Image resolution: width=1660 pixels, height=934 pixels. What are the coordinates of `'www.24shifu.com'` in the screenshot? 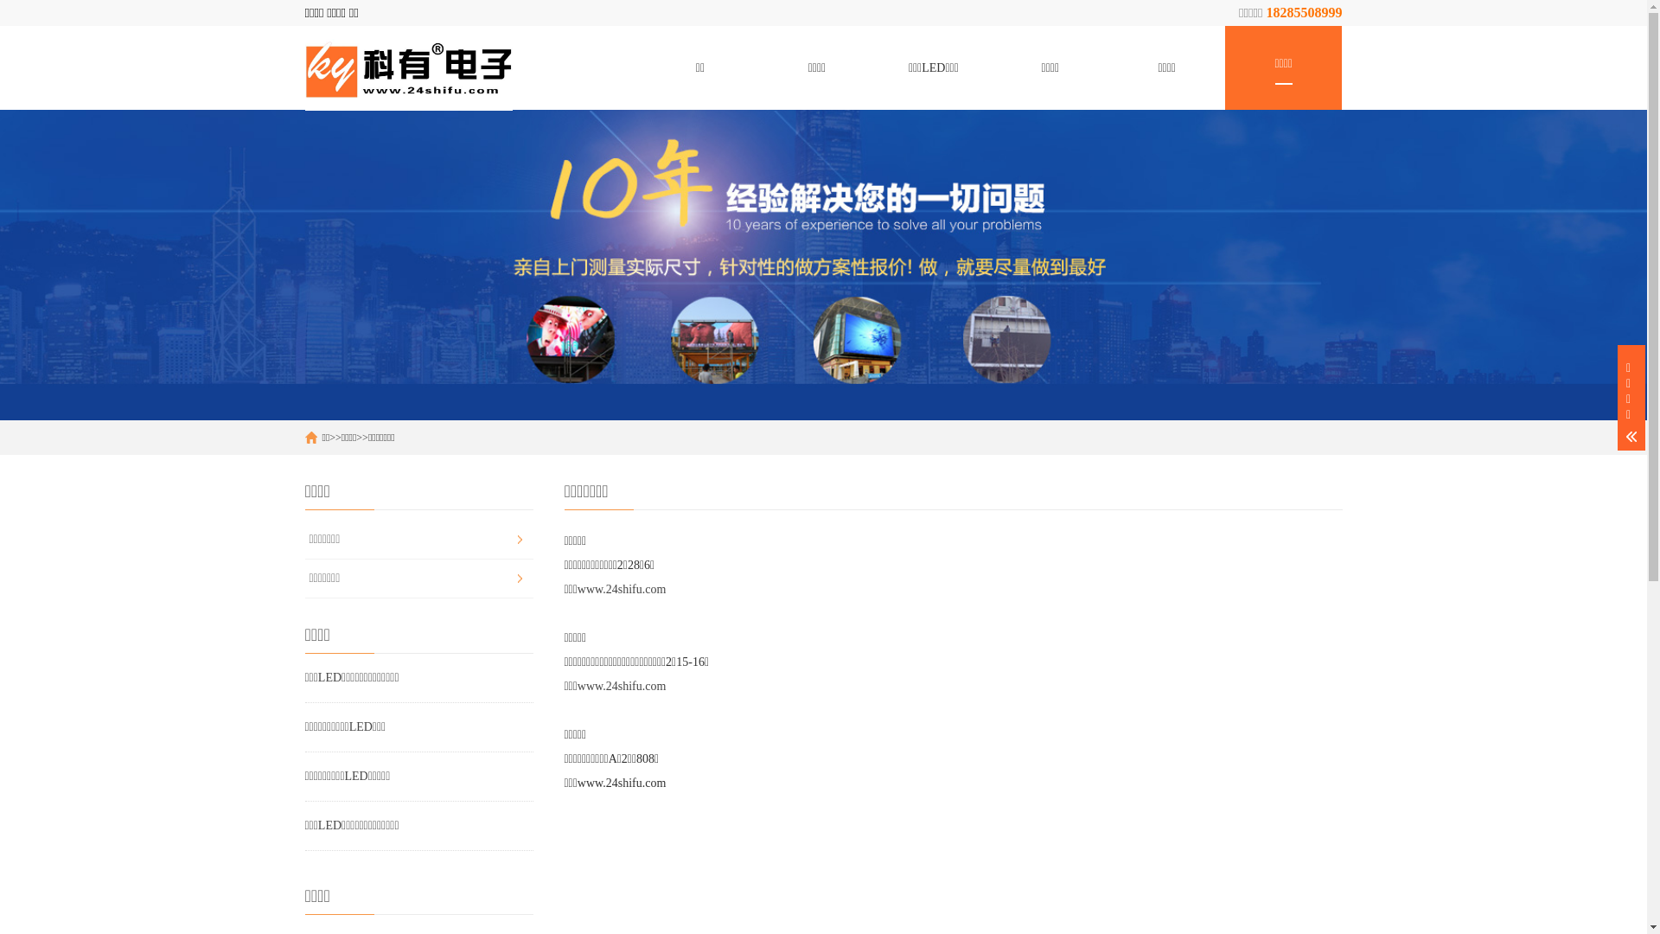 It's located at (622, 588).